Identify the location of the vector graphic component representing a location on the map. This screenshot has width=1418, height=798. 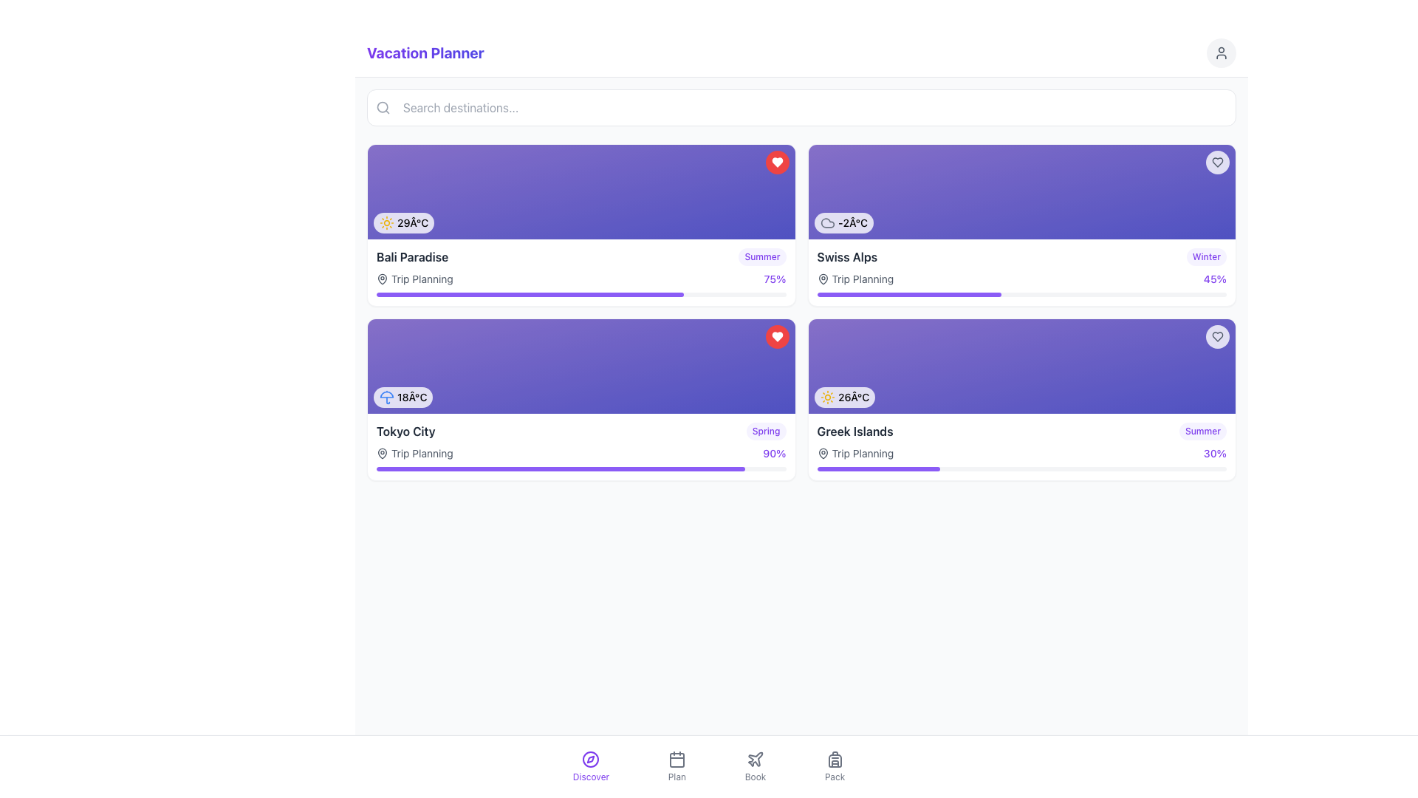
(383, 279).